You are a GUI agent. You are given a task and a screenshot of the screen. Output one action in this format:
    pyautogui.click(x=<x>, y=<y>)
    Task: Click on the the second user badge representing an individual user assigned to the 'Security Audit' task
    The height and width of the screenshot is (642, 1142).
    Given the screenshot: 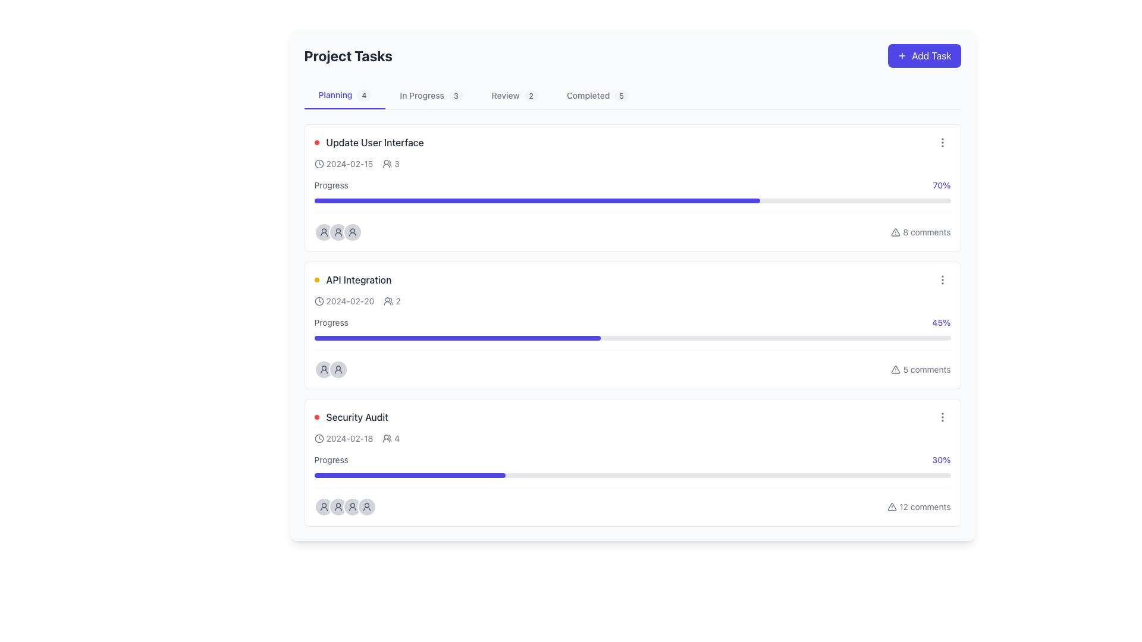 What is the action you would take?
    pyautogui.click(x=337, y=506)
    